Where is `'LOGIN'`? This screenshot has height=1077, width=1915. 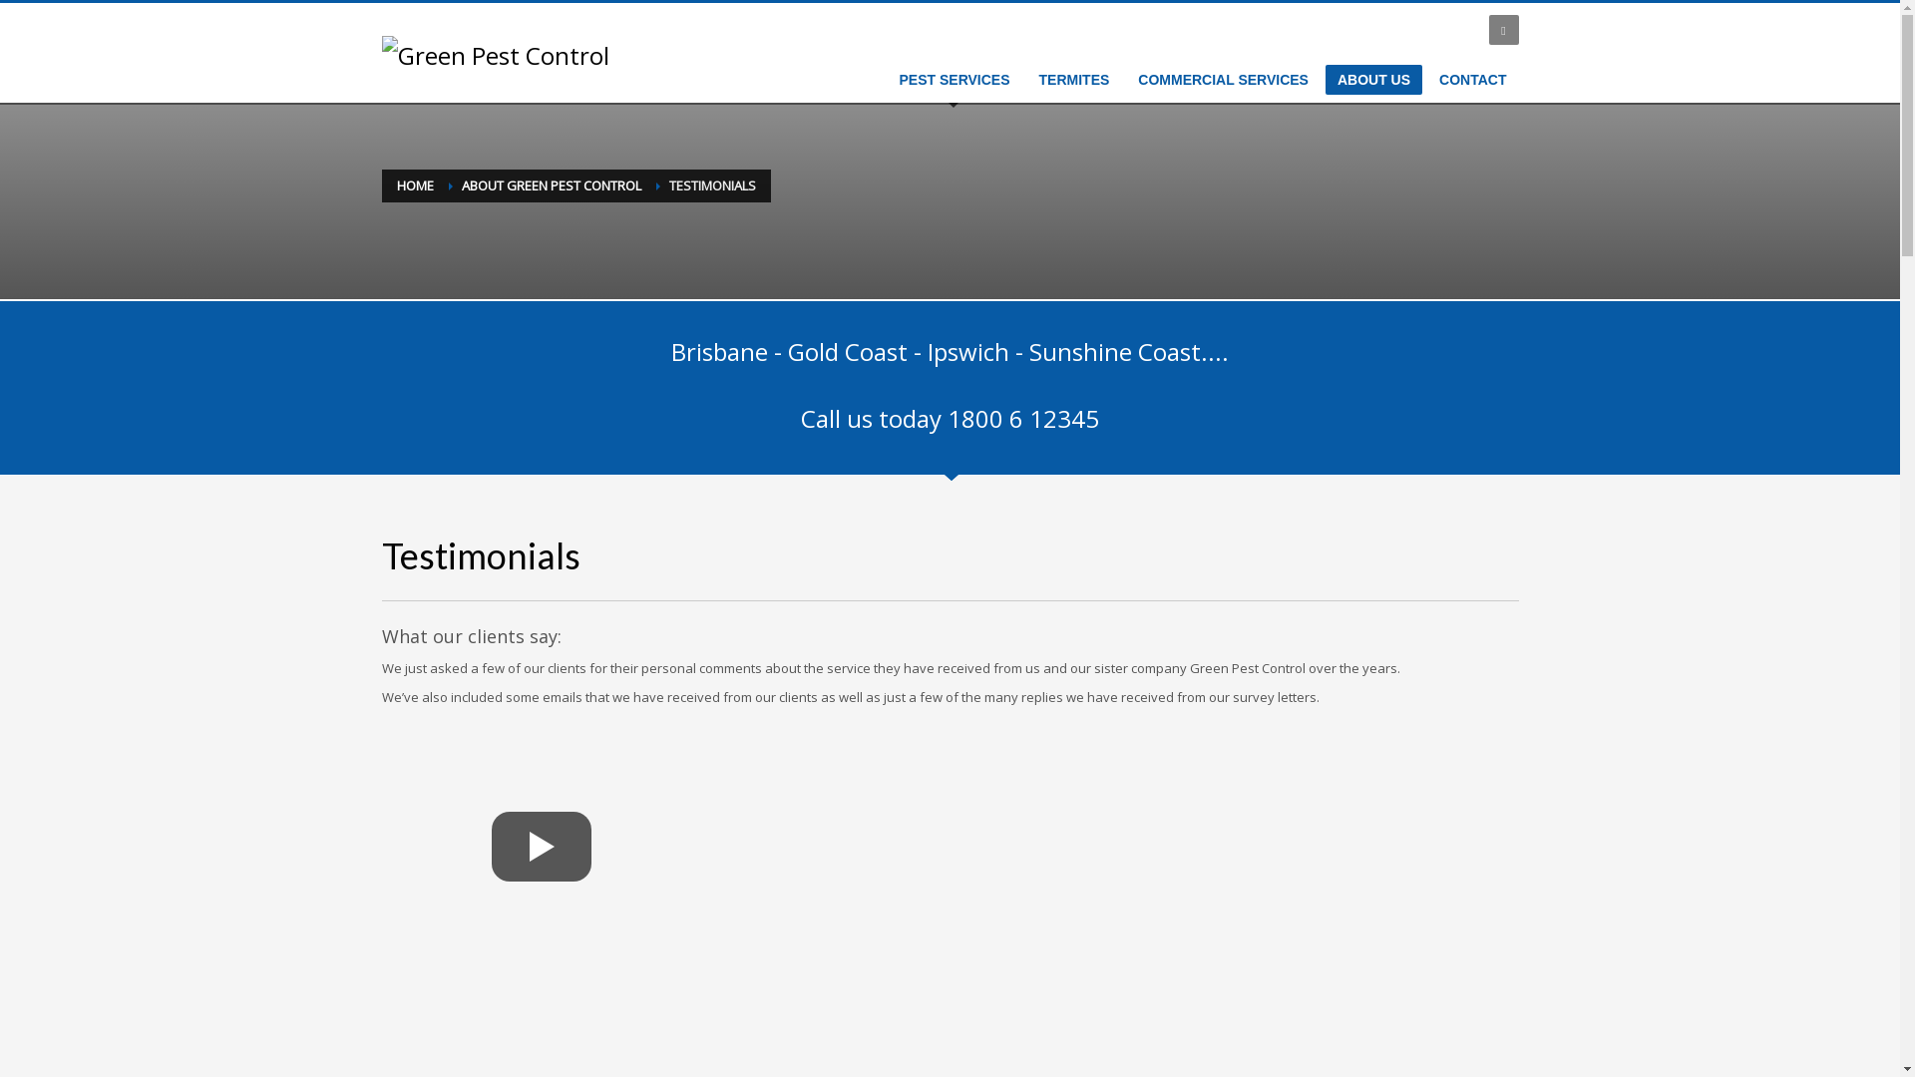 'LOGIN' is located at coordinates (1451, 30).